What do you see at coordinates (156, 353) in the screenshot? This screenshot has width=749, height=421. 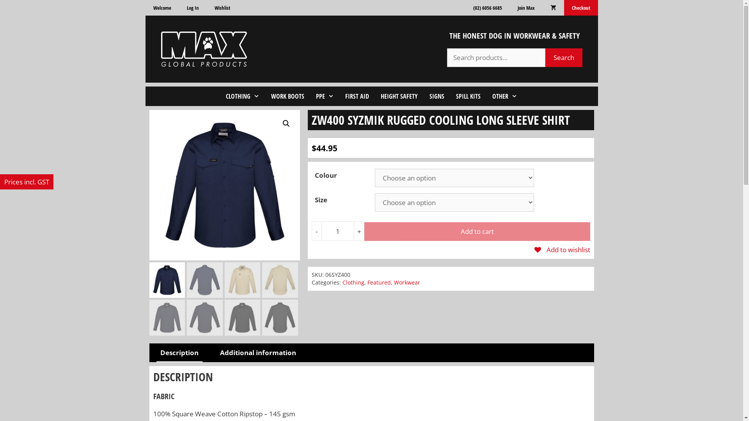 I see `'Description'` at bounding box center [156, 353].